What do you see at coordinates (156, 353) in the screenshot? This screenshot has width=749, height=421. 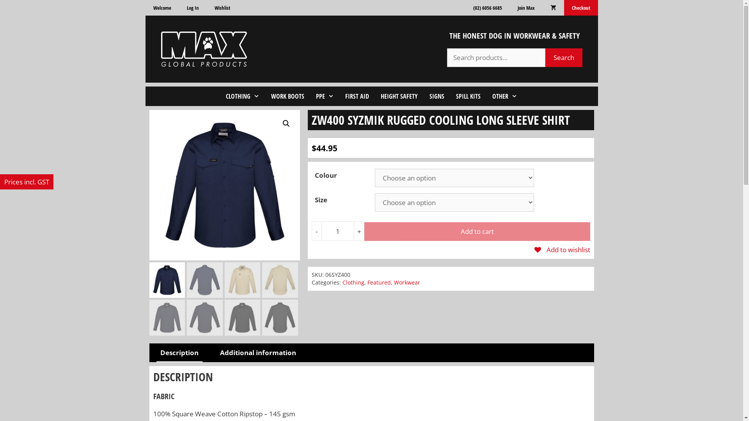 I see `'Description'` at bounding box center [156, 353].